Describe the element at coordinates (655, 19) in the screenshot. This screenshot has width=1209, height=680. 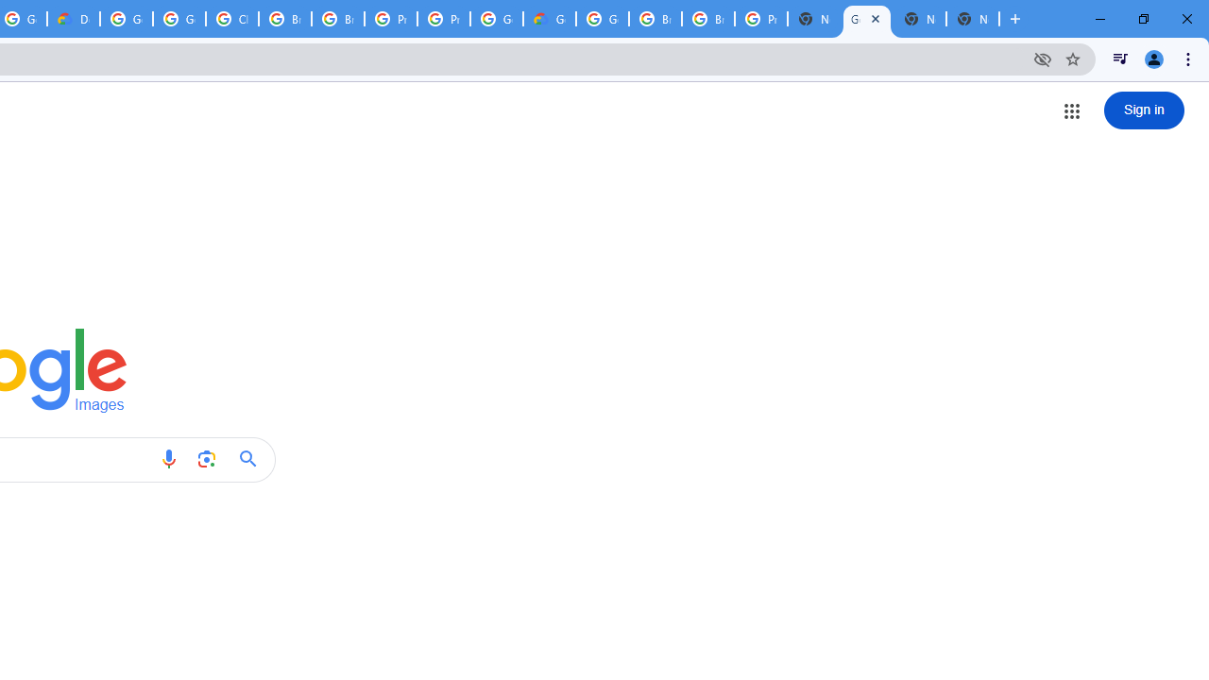
I see `'Browse Chrome as a guest - Computer - Google Chrome Help'` at that location.